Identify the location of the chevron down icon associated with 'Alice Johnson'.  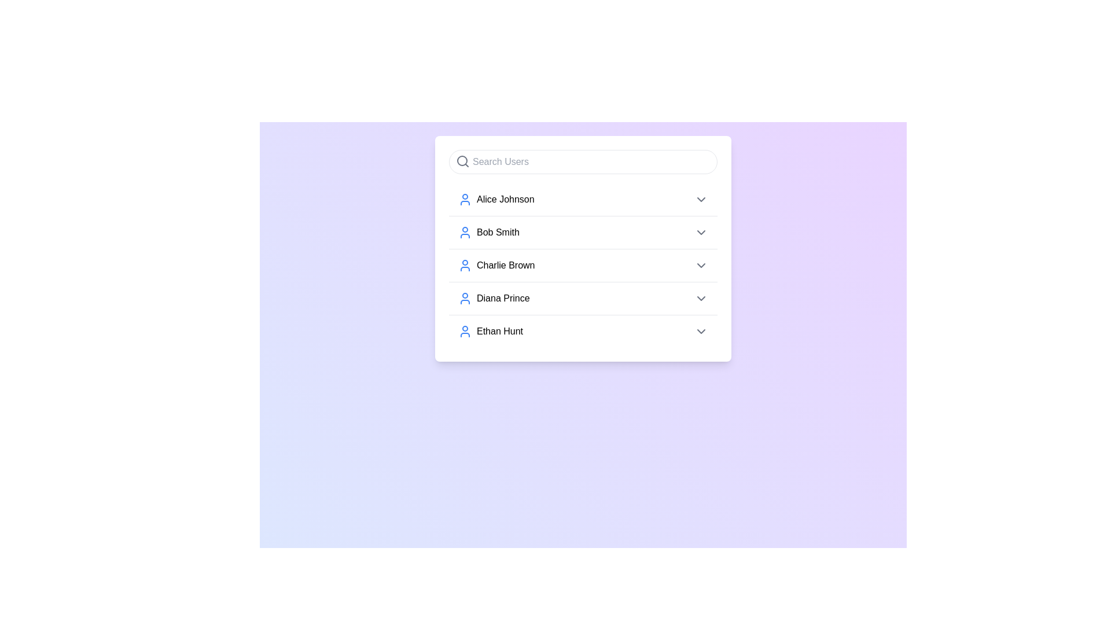
(700, 198).